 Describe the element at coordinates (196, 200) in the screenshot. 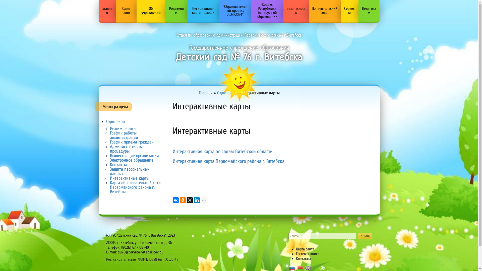

I see `'LinkedIn'` at that location.